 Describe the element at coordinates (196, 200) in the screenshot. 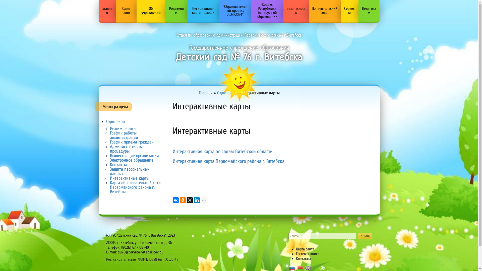

I see `'LinkedIn'` at that location.